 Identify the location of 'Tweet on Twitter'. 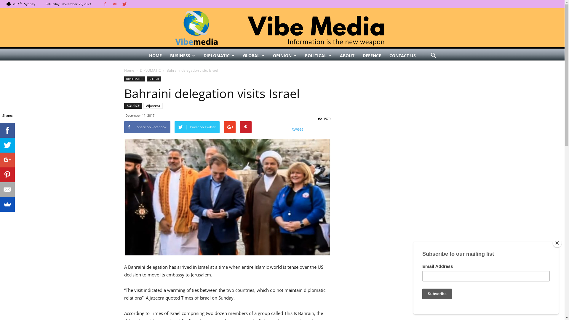
(196, 127).